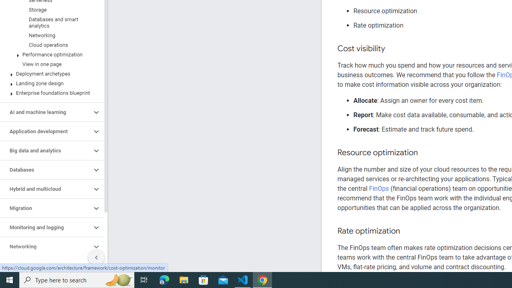 The height and width of the screenshot is (288, 512). Describe the element at coordinates (50, 74) in the screenshot. I see `'Deployment archetypes'` at that location.